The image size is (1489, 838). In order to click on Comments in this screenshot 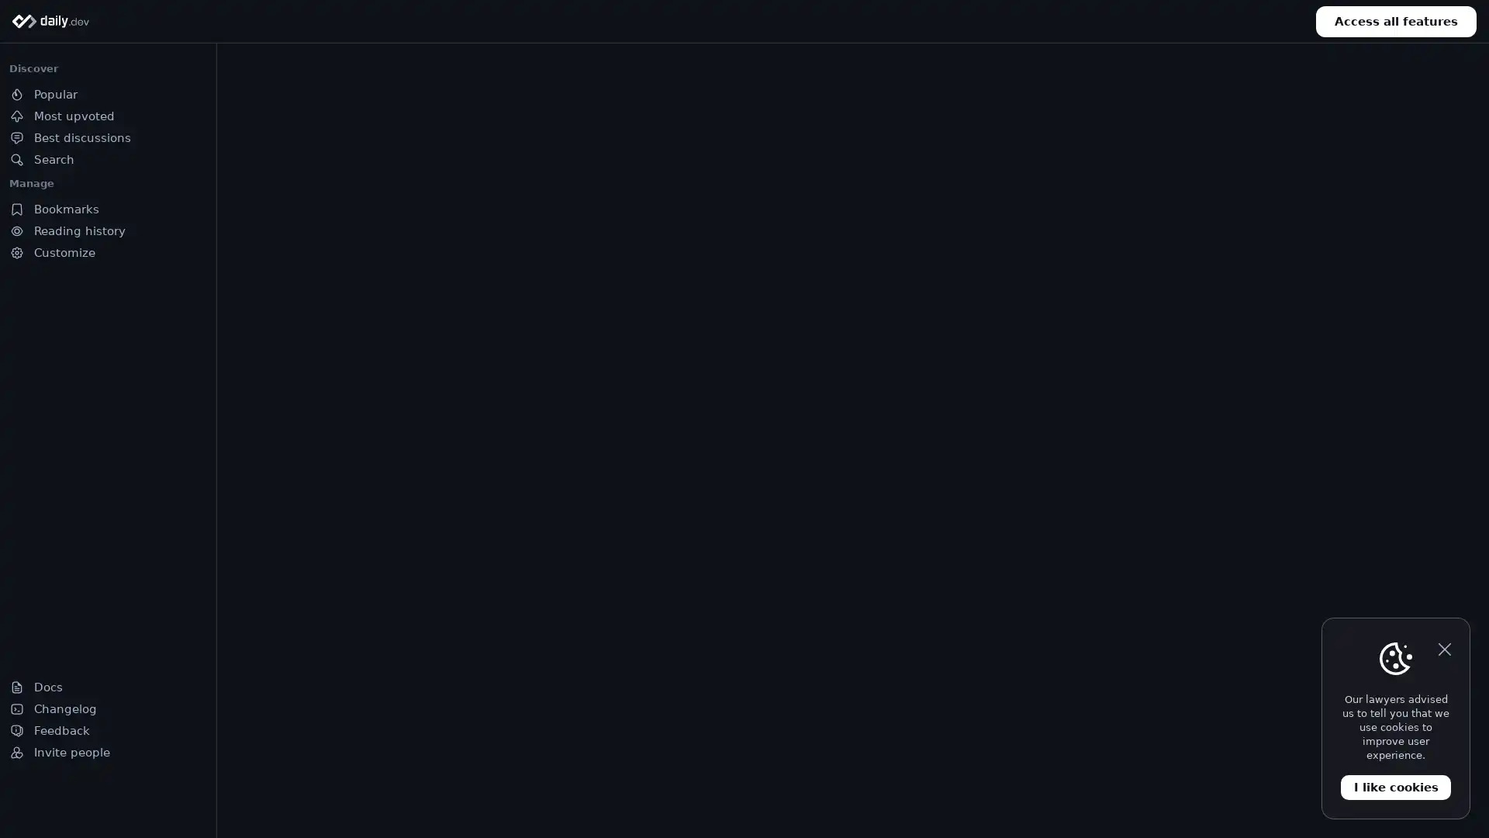, I will do `click(989, 434)`.